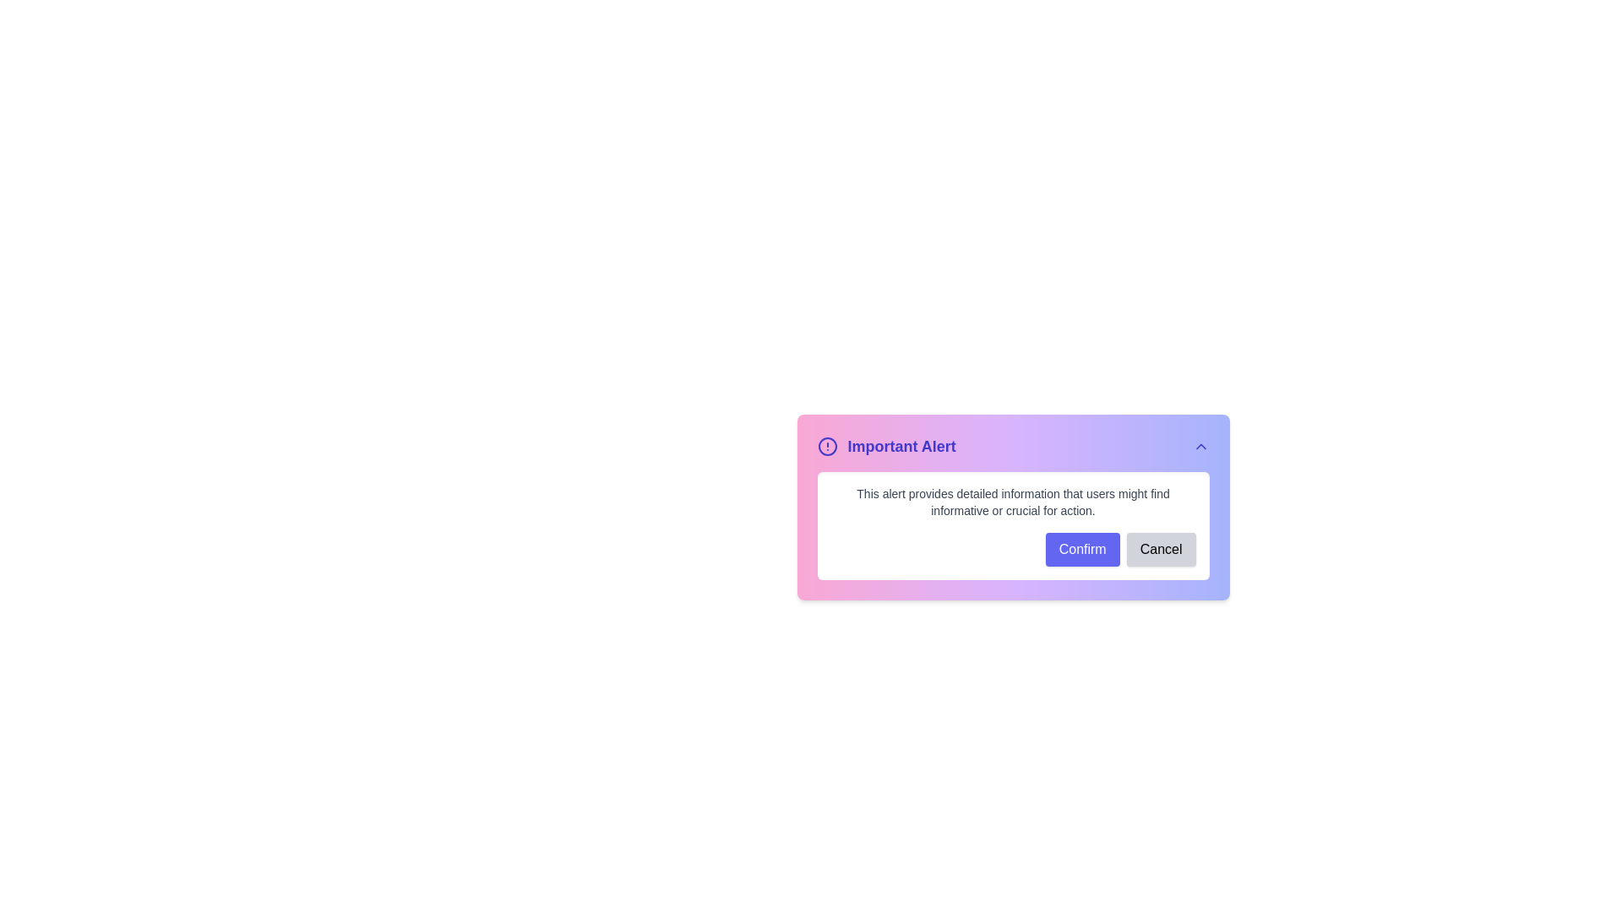 The height and width of the screenshot is (912, 1622). Describe the element at coordinates (1160, 550) in the screenshot. I see `the 'Cancel' button` at that location.